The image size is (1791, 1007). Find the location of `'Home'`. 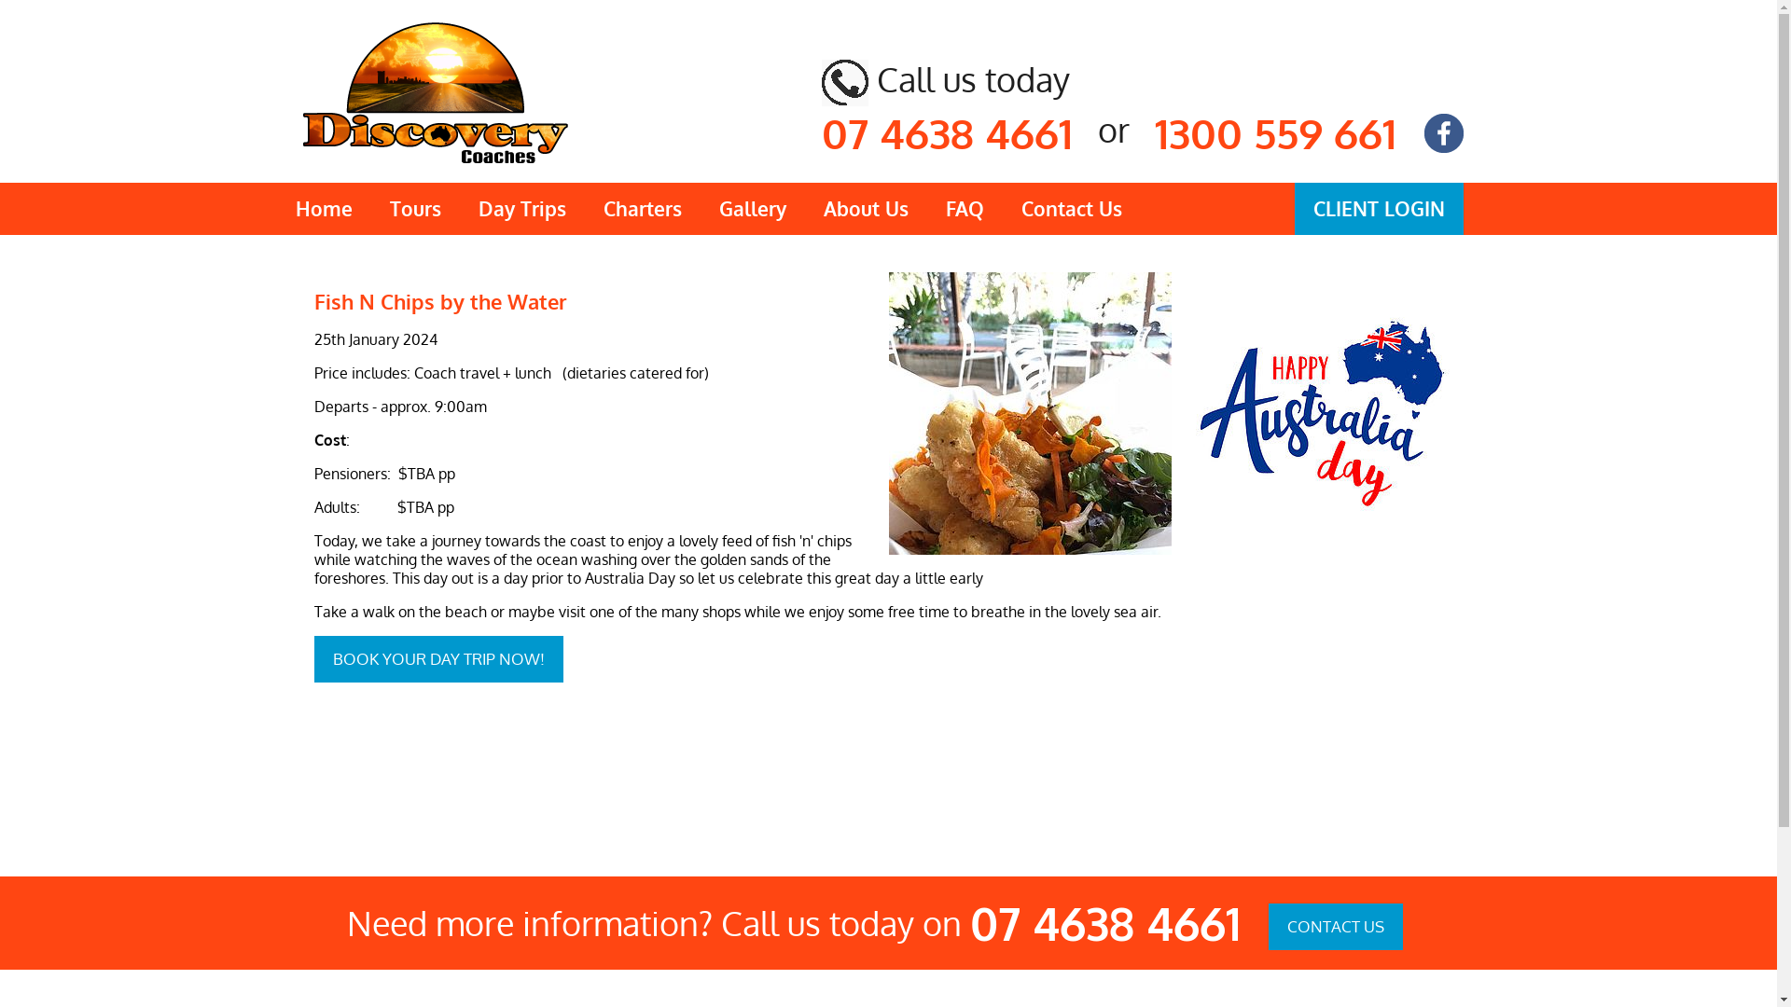

'Home' is located at coordinates (323, 208).